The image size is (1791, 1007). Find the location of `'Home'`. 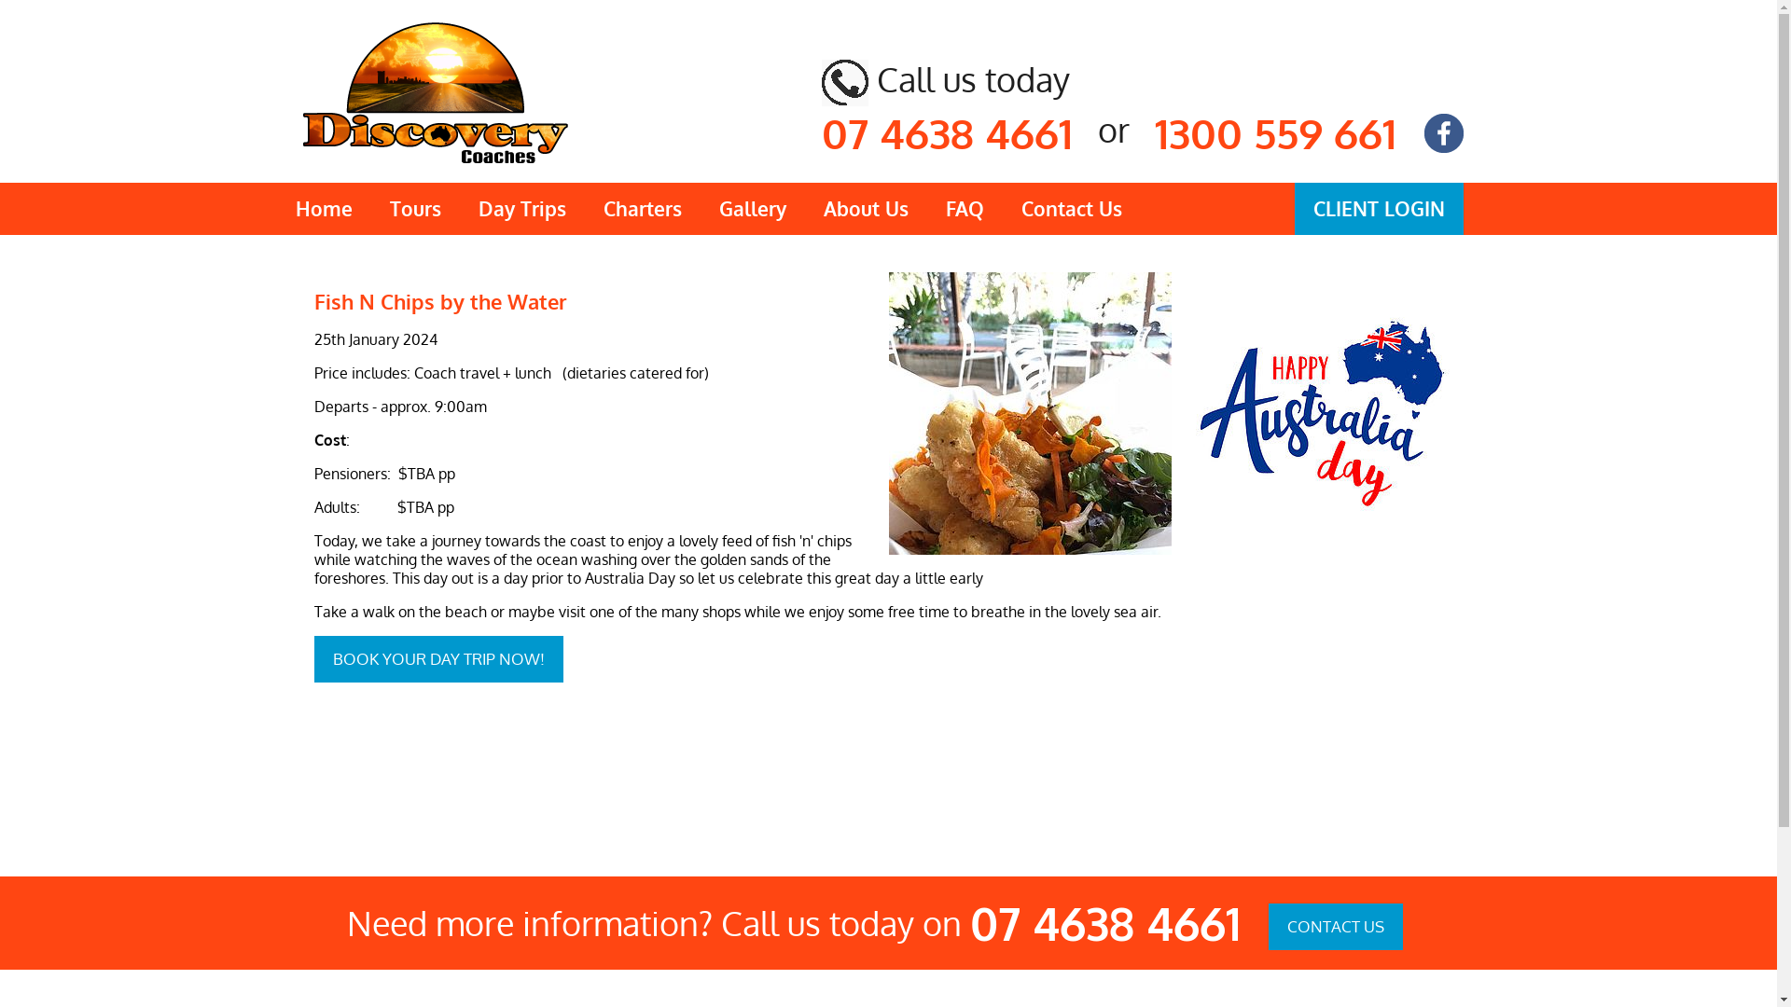

'Home' is located at coordinates (323, 208).